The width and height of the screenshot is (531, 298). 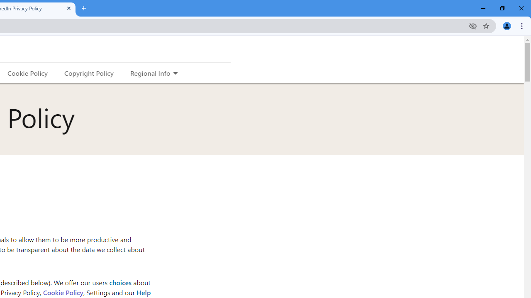 I want to click on 'Expand to show more links for Regional Info', so click(x=175, y=73).